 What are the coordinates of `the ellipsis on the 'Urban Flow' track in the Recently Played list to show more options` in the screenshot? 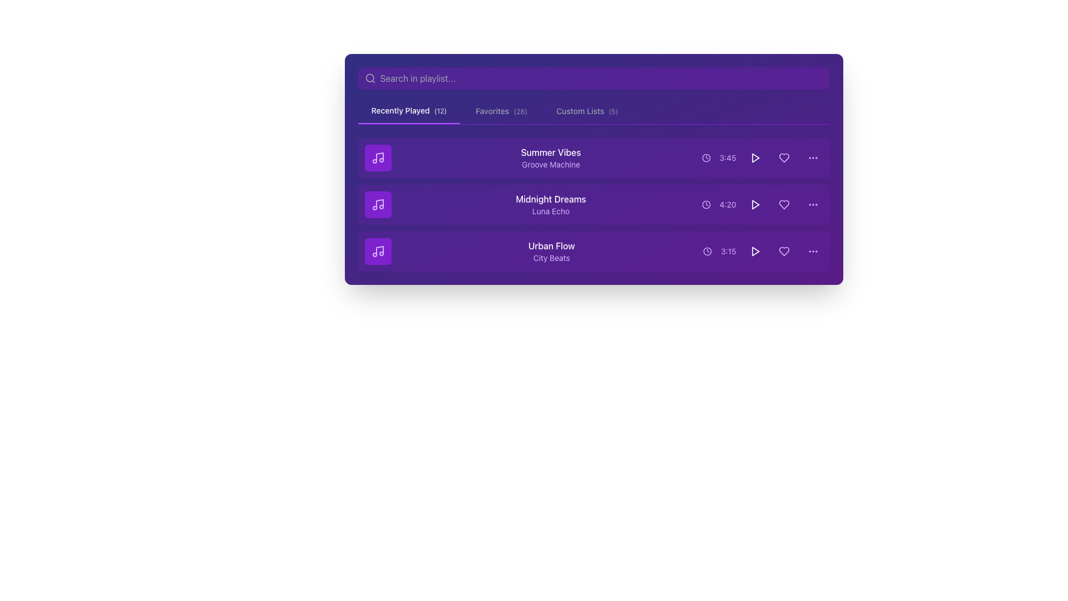 It's located at (593, 251).